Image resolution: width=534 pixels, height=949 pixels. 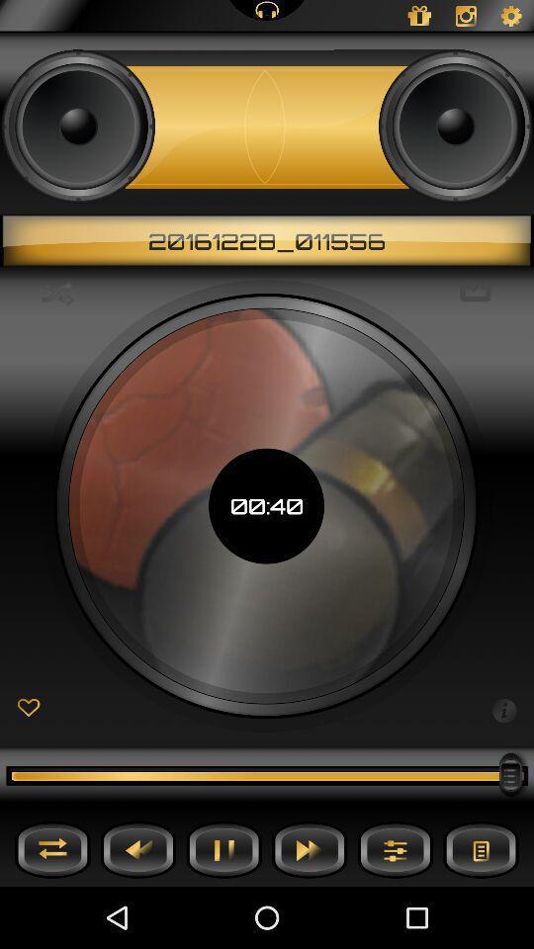 What do you see at coordinates (57, 292) in the screenshot?
I see `icon at the top left corner` at bounding box center [57, 292].